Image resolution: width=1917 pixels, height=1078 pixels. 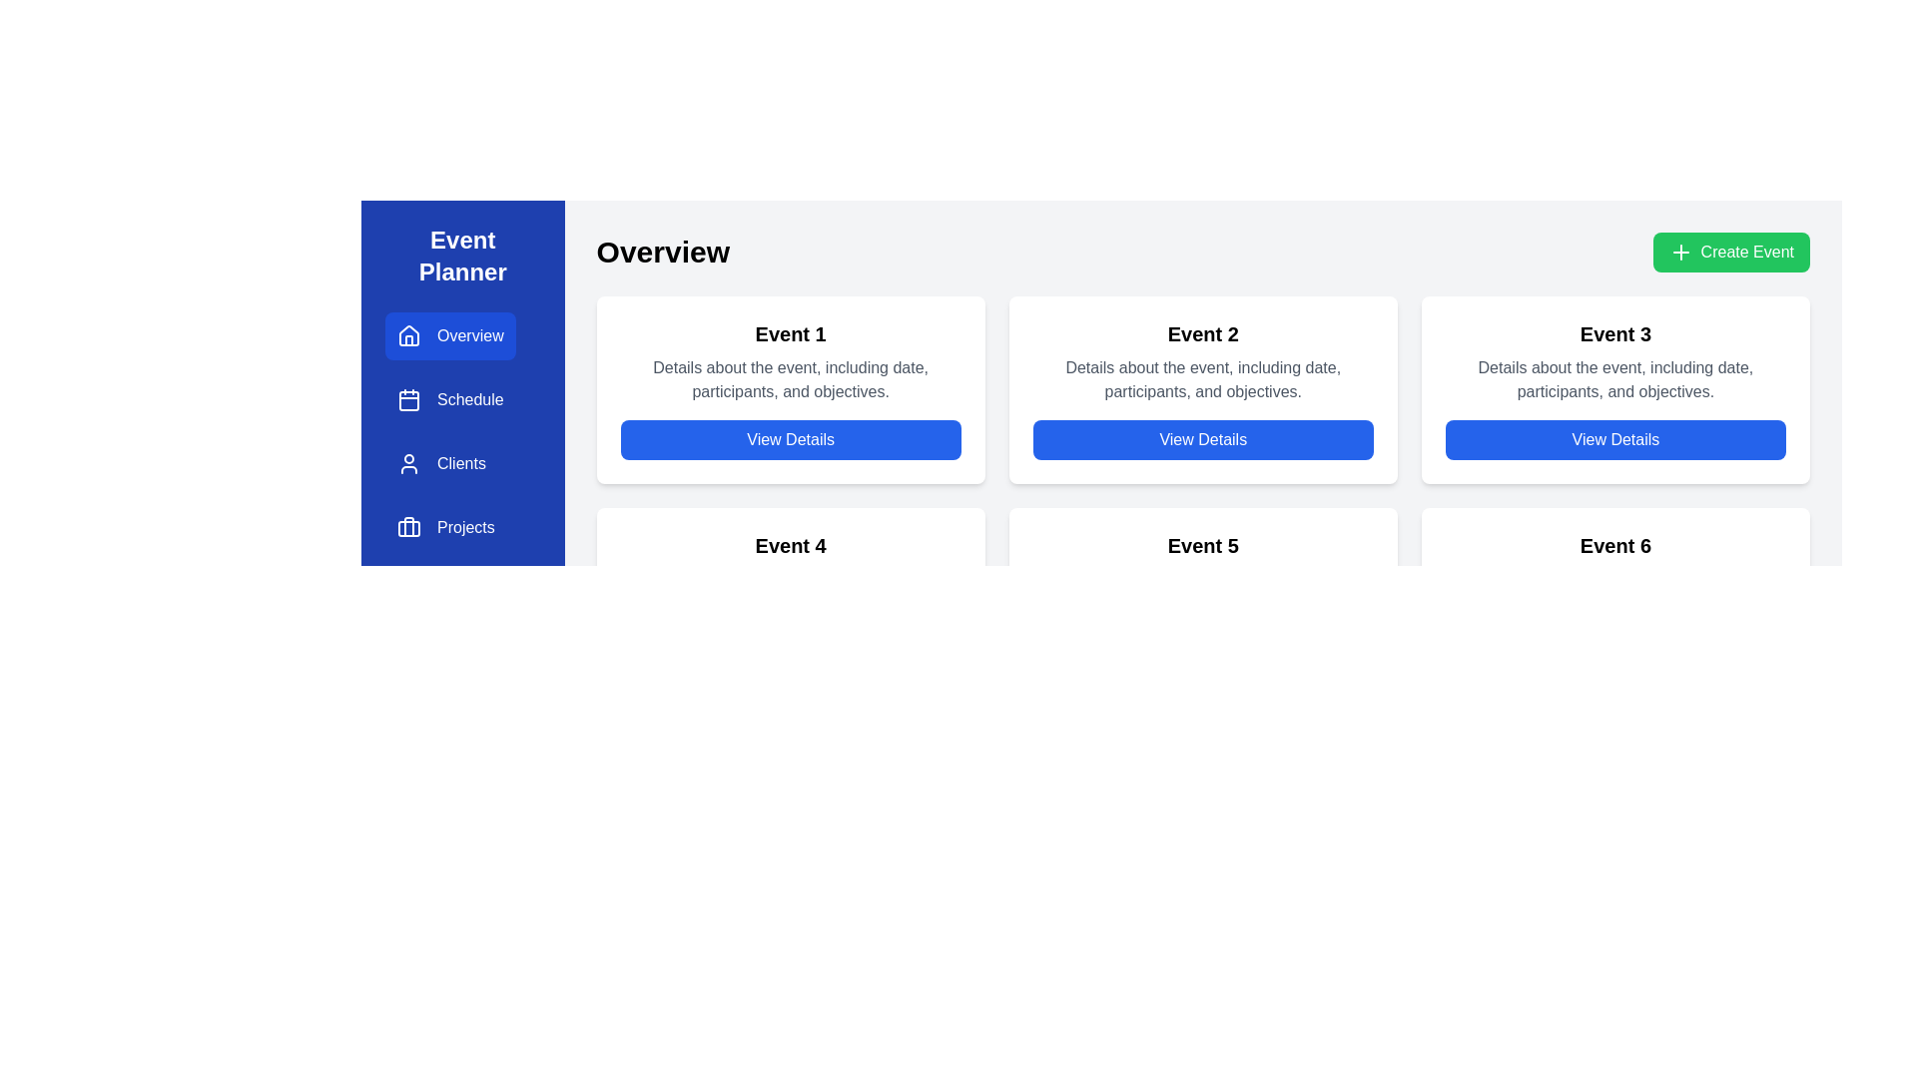 I want to click on the user-shaped icon with a circular head and simple body outline, styled in white on a blue background, located next to the text 'Clients' in the vertical navigation sidebar, so click(x=407, y=464).